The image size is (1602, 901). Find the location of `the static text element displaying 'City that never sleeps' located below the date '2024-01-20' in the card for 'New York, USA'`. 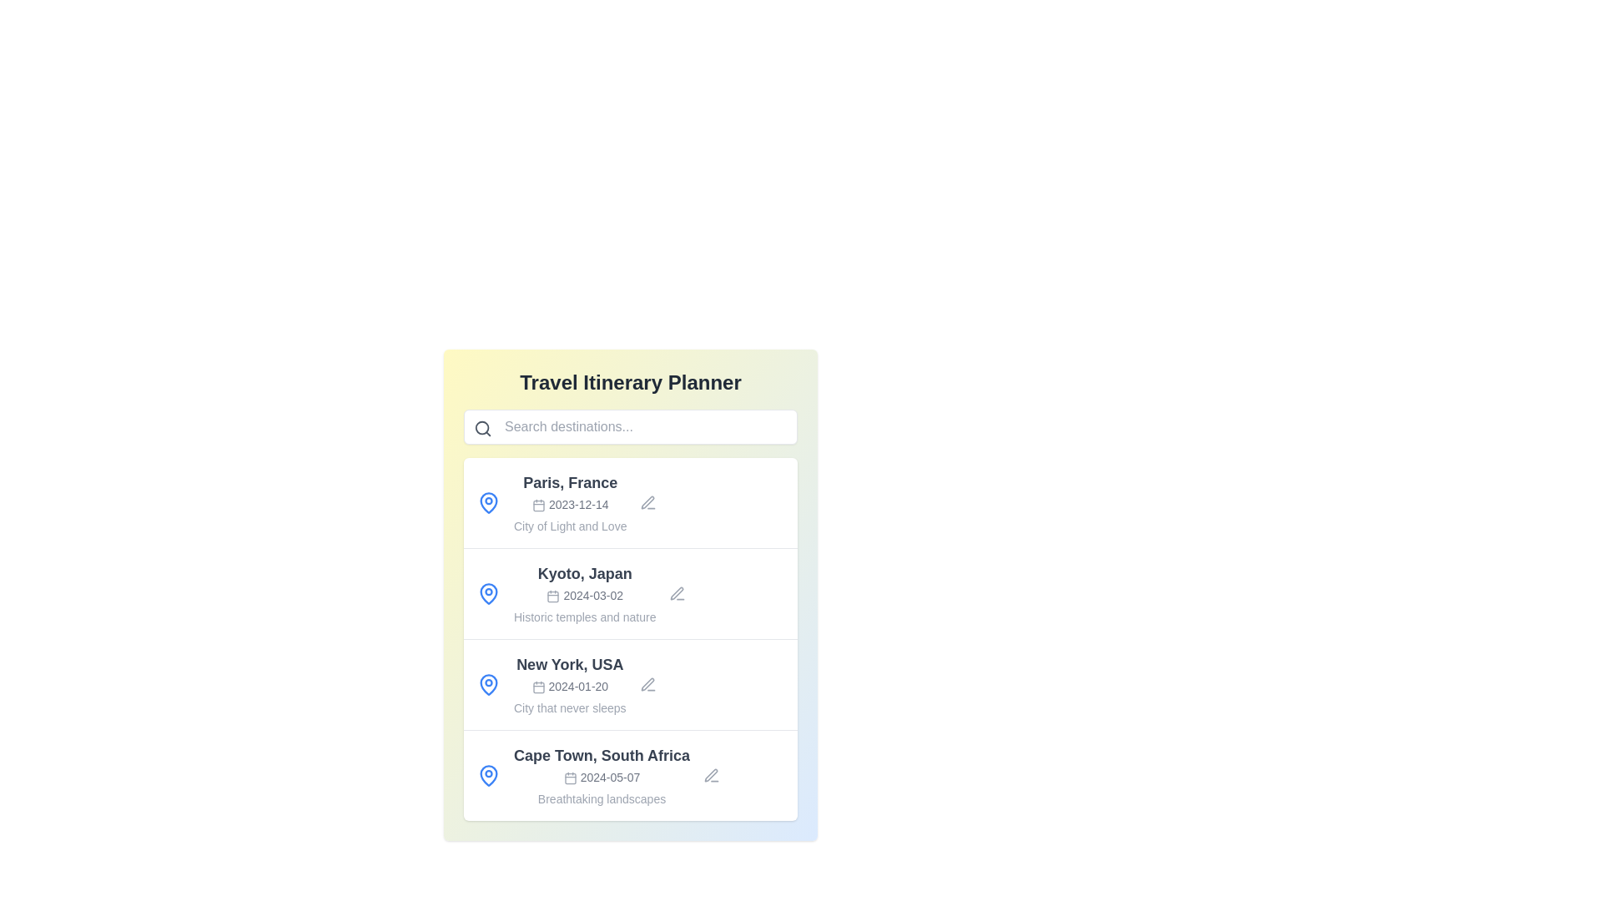

the static text element displaying 'City that never sleeps' located below the date '2024-01-20' in the card for 'New York, USA' is located at coordinates (570, 707).